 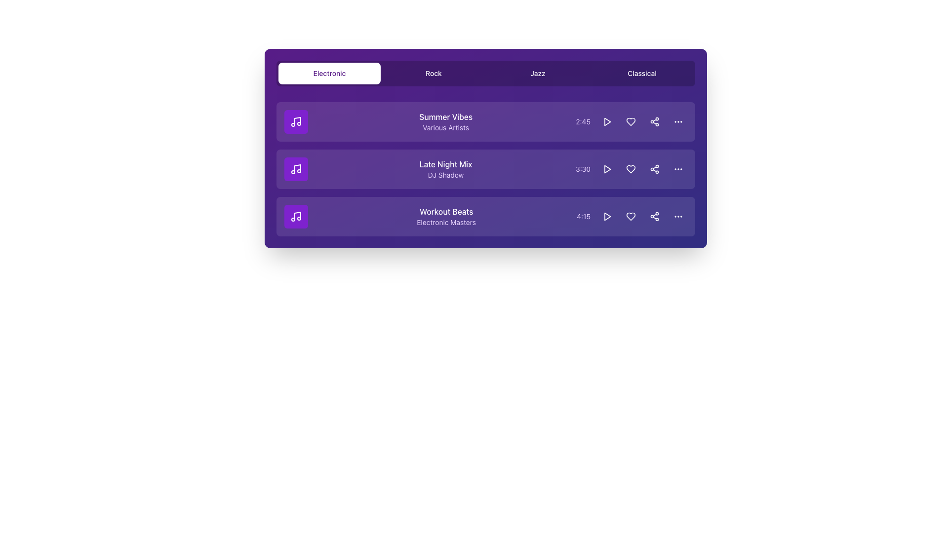 What do you see at coordinates (630, 169) in the screenshot?
I see `the heart icon button located in the 'Late Night Mix' row, which serves as a favorite or like button for the corresponding track` at bounding box center [630, 169].